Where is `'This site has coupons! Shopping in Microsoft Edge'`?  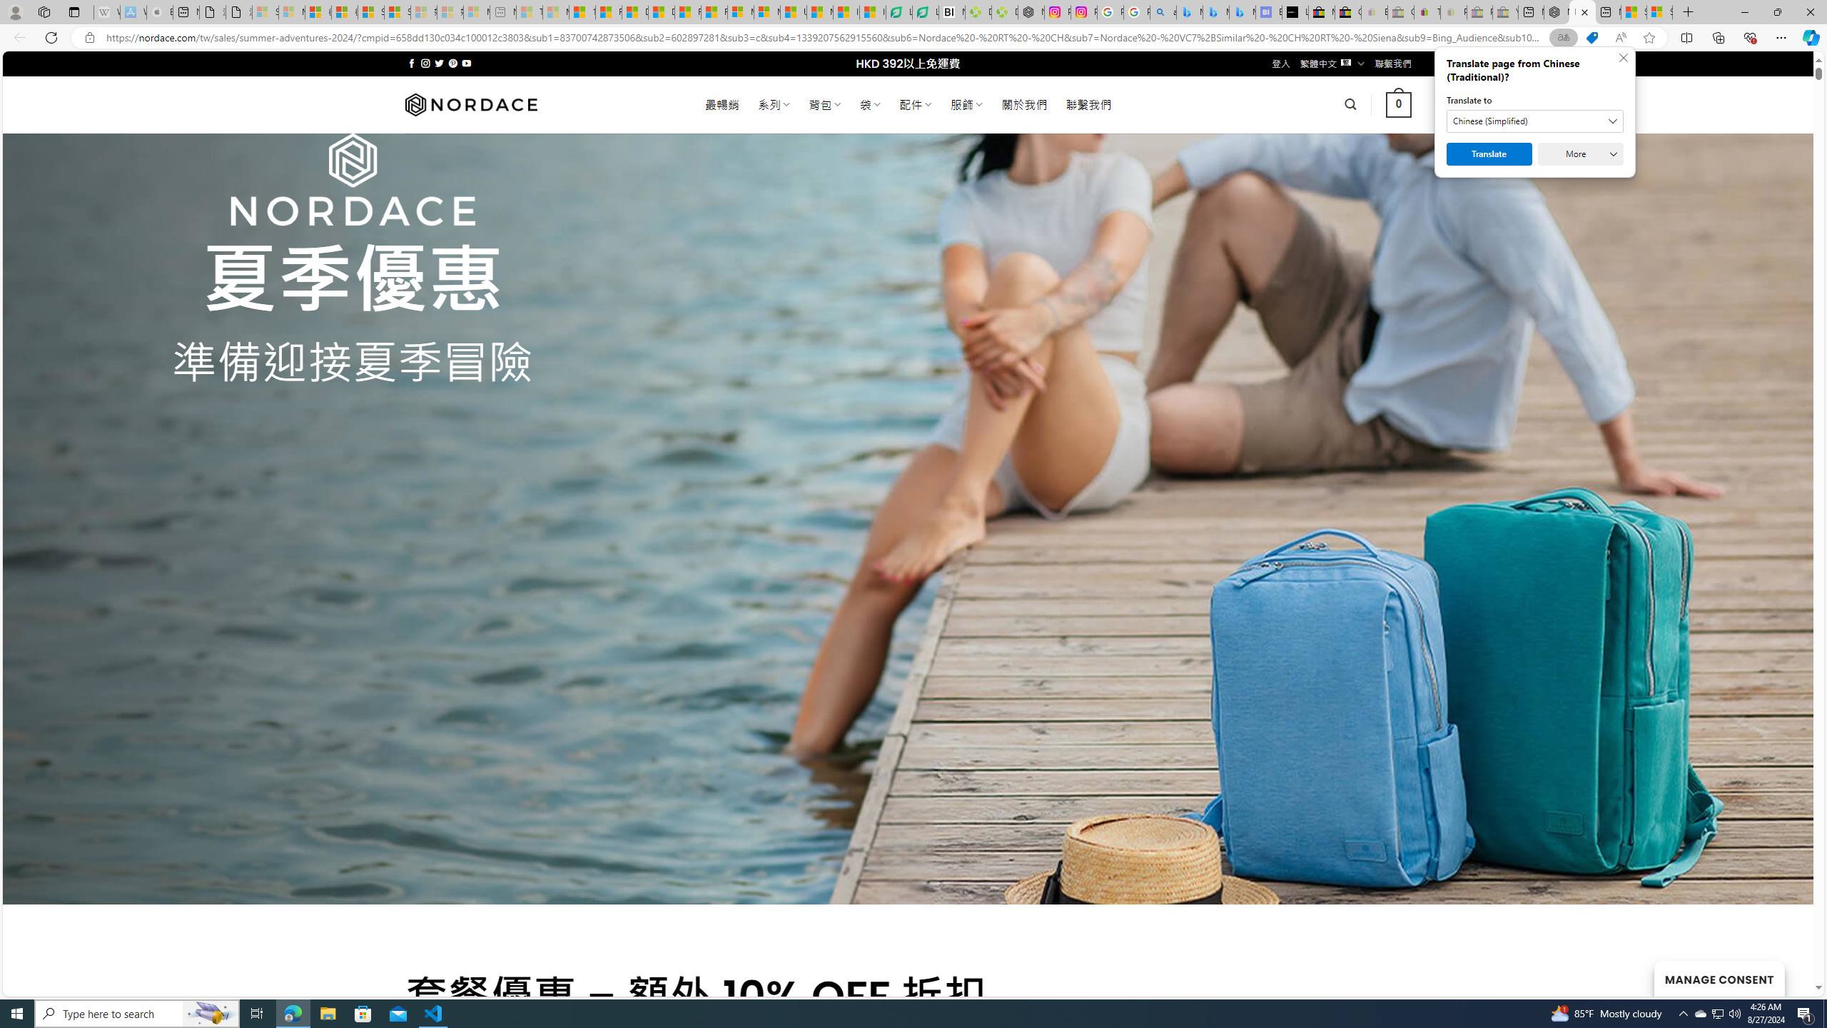
'This site has coupons! Shopping in Microsoft Edge' is located at coordinates (1591, 38).